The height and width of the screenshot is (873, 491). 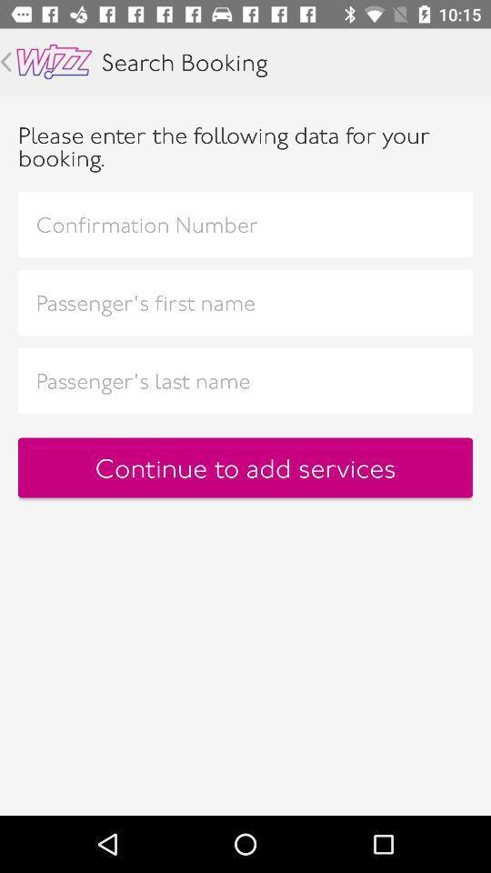 I want to click on text box passenger first name, so click(x=245, y=302).